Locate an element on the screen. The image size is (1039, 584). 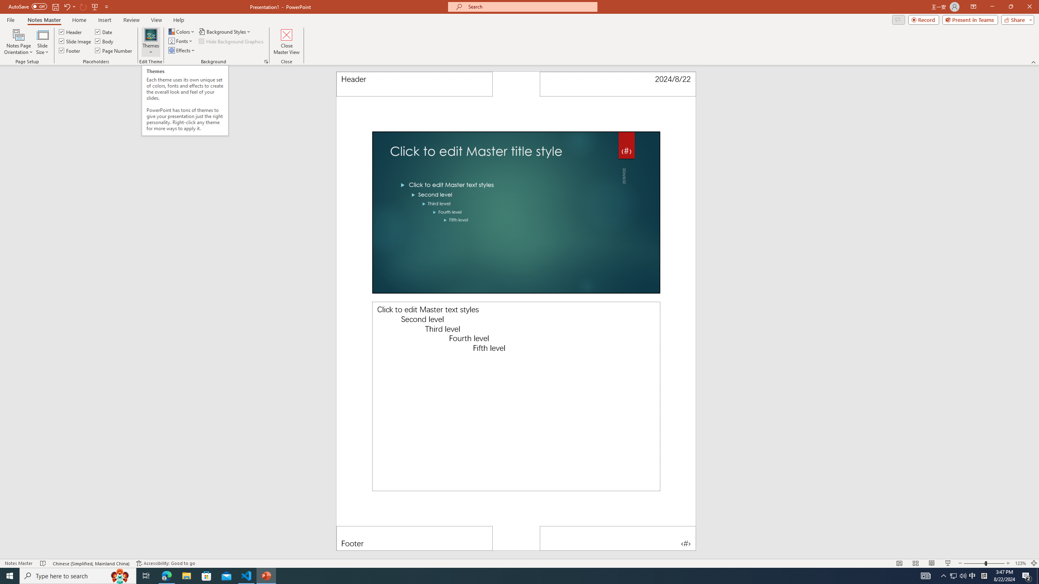
'Close Master View' is located at coordinates (286, 42).